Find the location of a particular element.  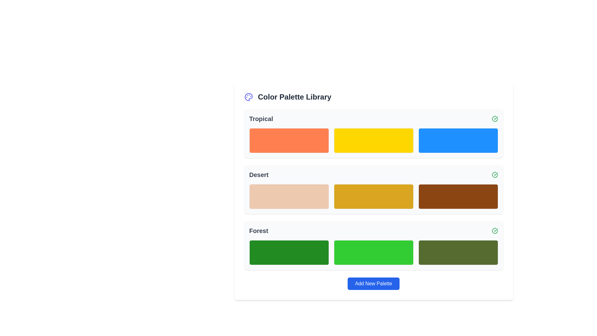

the green-filled circular outline SVG graphic located on the far right side of the 'Desert' palette row is located at coordinates (494, 231).